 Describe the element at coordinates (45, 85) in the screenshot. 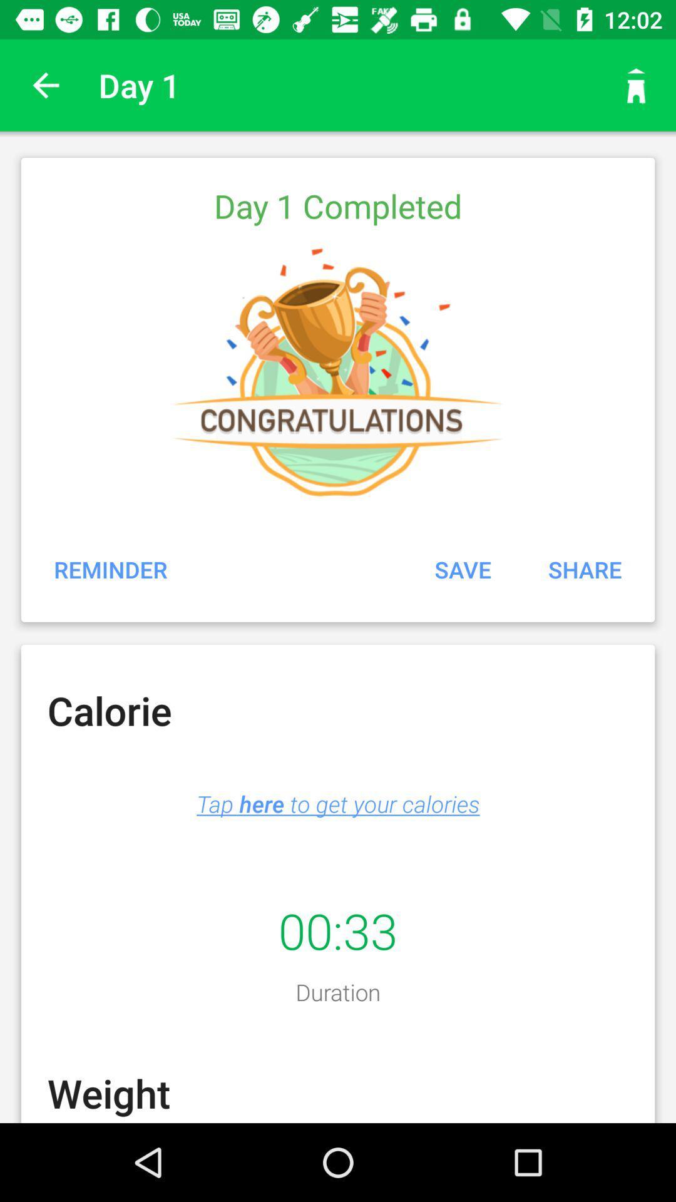

I see `the icon to the left of the day 1` at that location.